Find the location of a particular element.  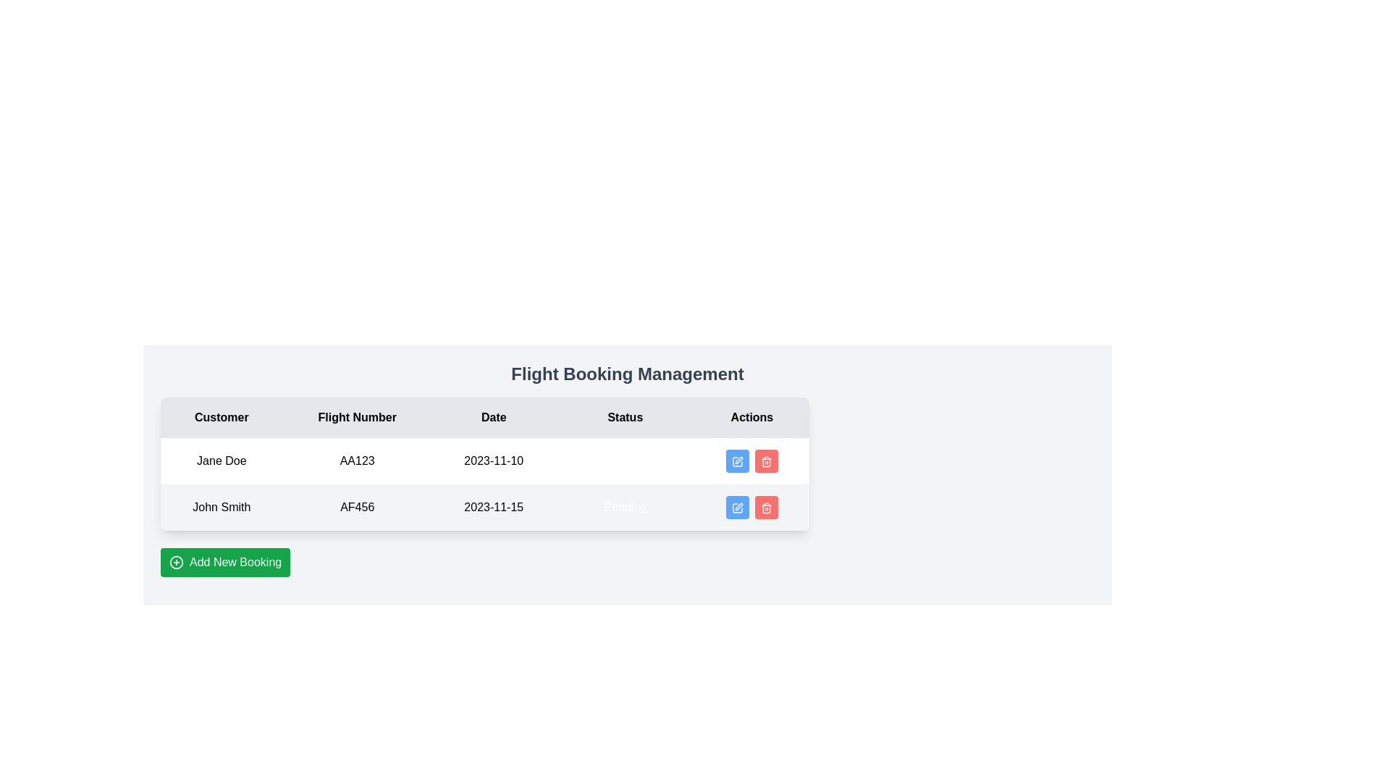

the text label displaying the customer's name in the first row of the booking management table is located at coordinates (221, 461).